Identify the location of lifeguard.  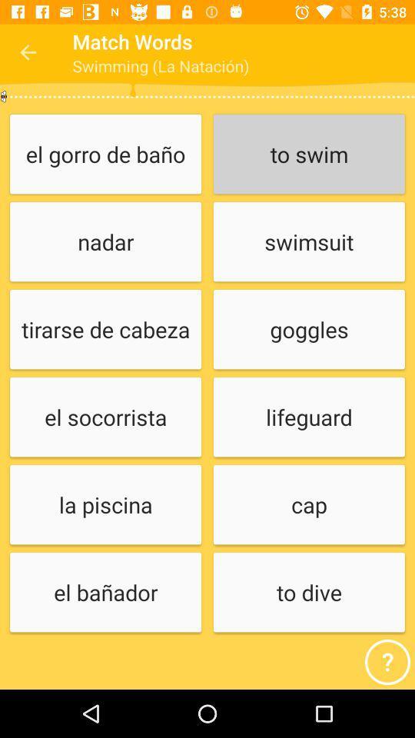
(309, 417).